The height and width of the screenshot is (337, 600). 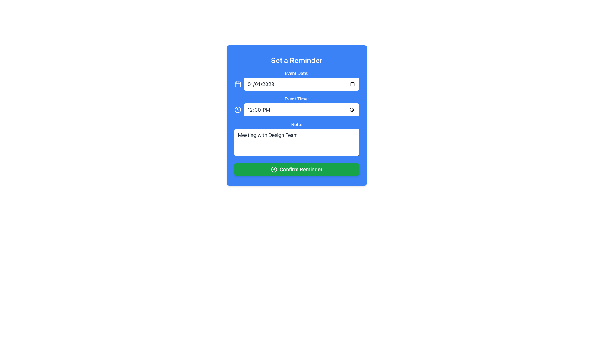 I want to click on the Date Input Field displaying '01/01/2023', so click(x=301, y=84).